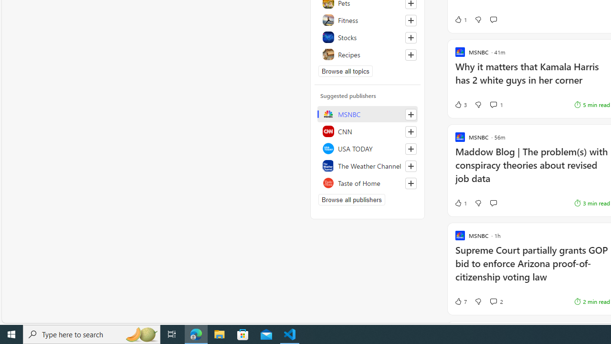 The width and height of the screenshot is (611, 344). Describe the element at coordinates (496, 105) in the screenshot. I see `'View comments 1 Comment'` at that location.